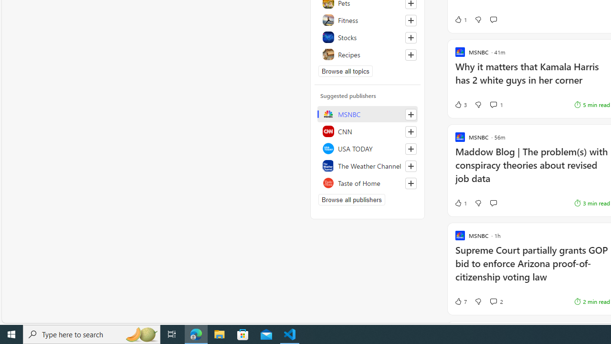 The width and height of the screenshot is (611, 344). Describe the element at coordinates (496, 105) in the screenshot. I see `'View comments 1 Comment'` at that location.